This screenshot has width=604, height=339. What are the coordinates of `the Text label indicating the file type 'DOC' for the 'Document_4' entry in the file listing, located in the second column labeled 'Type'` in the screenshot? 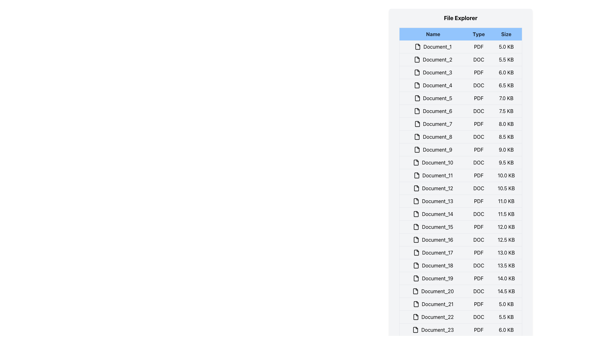 It's located at (478, 85).